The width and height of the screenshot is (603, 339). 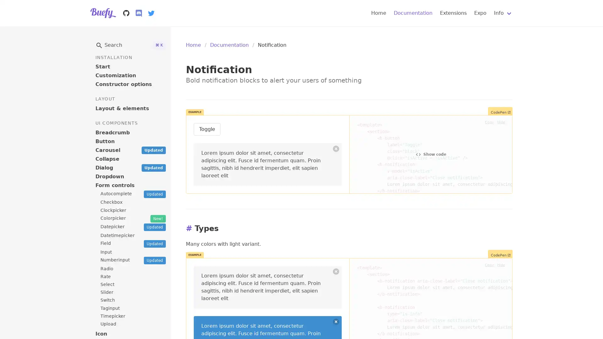 What do you see at coordinates (431, 284) in the screenshot?
I see `Hide code` at bounding box center [431, 284].